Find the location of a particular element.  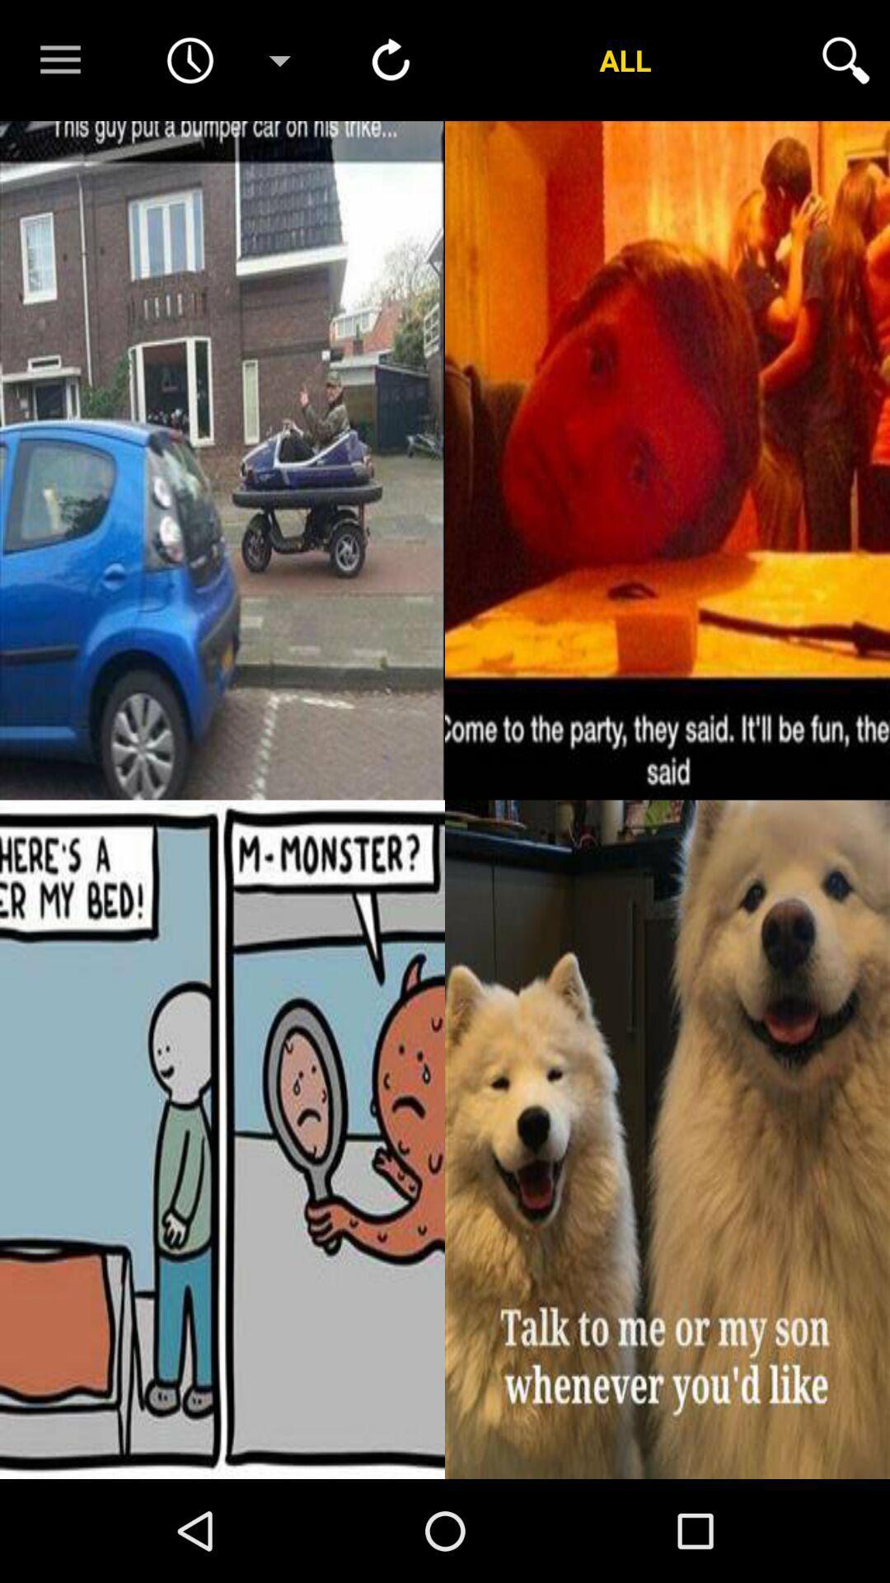

refresh page is located at coordinates (391, 60).